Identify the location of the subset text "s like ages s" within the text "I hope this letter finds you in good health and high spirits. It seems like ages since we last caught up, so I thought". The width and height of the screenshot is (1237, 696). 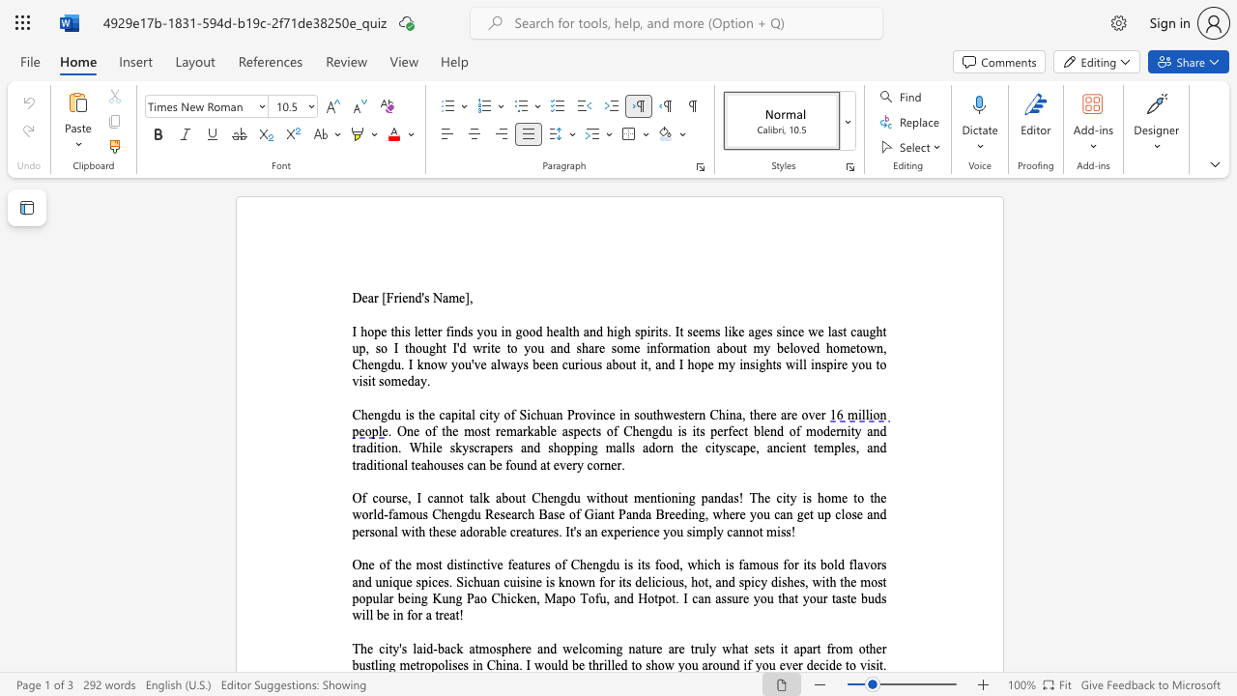
(714, 331).